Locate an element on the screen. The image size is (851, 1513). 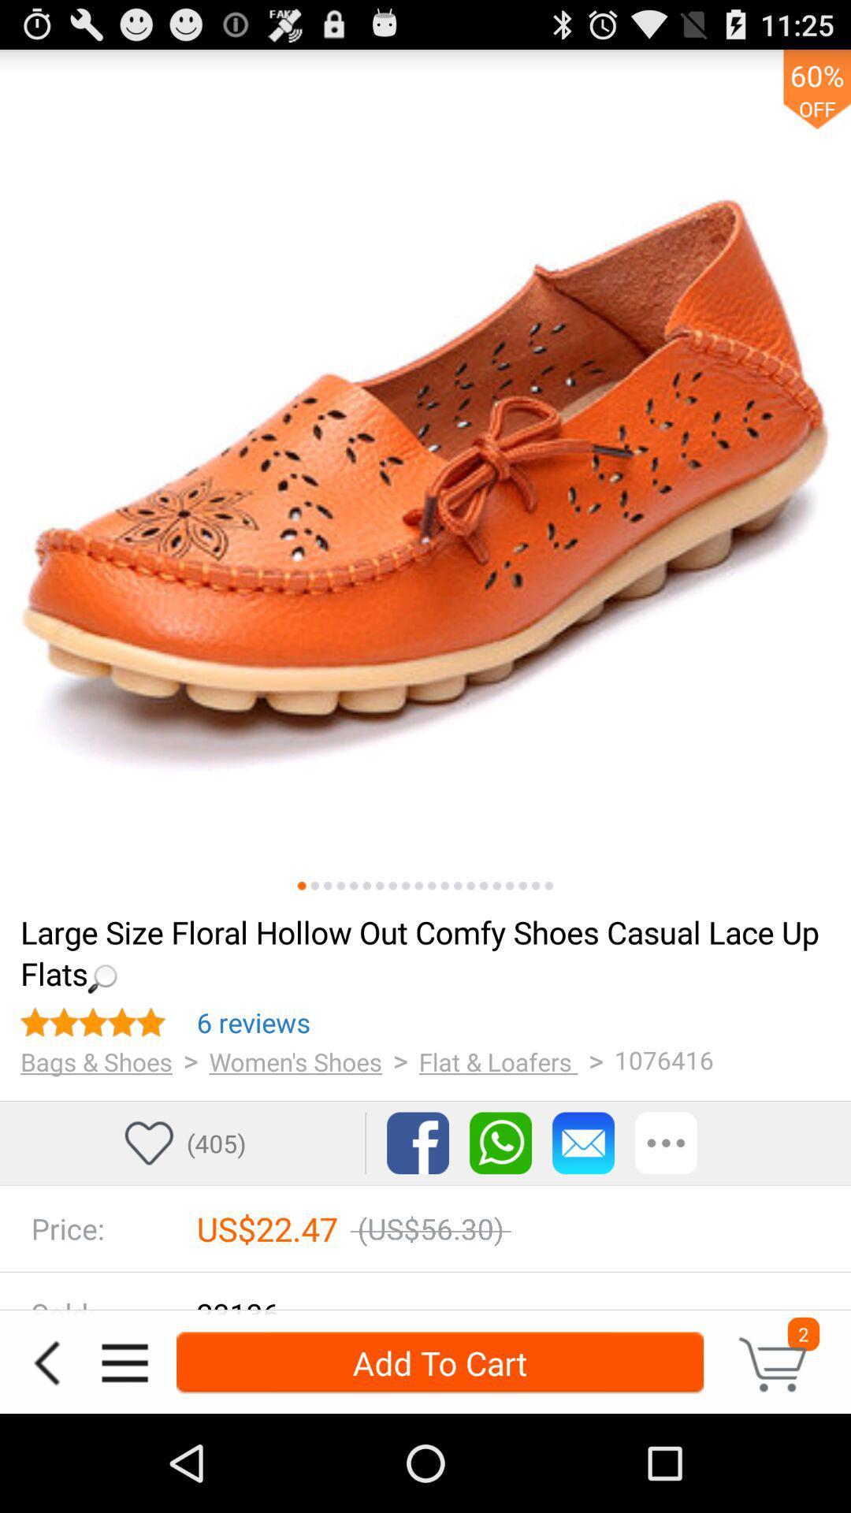
share via email is located at coordinates (583, 1143).